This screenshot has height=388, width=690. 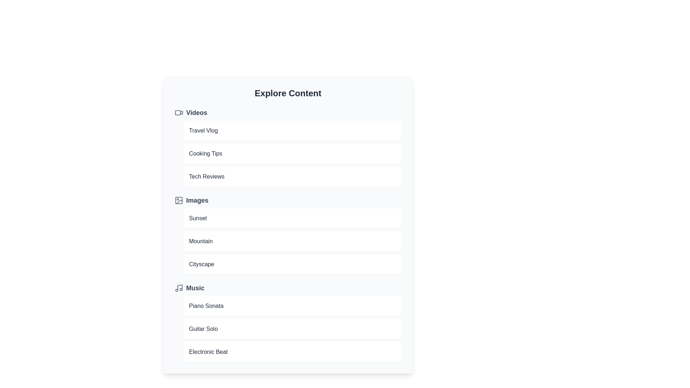 What do you see at coordinates (292, 329) in the screenshot?
I see `the item Guitar Solo to open it` at bounding box center [292, 329].